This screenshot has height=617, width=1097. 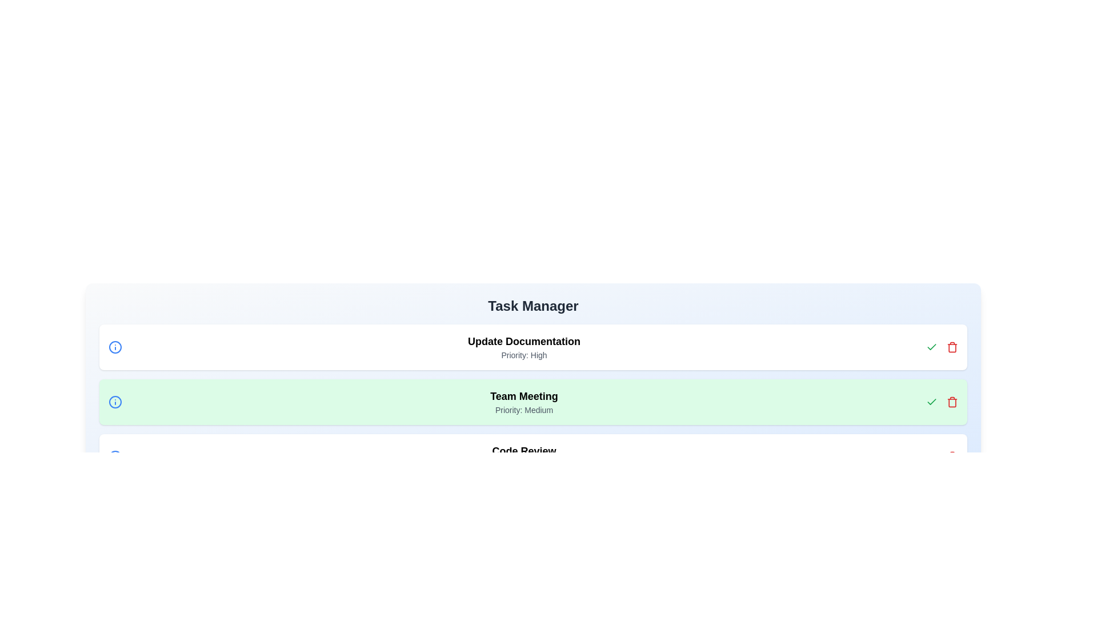 What do you see at coordinates (115, 456) in the screenshot?
I see `the information icon for the task 'Code Review'` at bounding box center [115, 456].